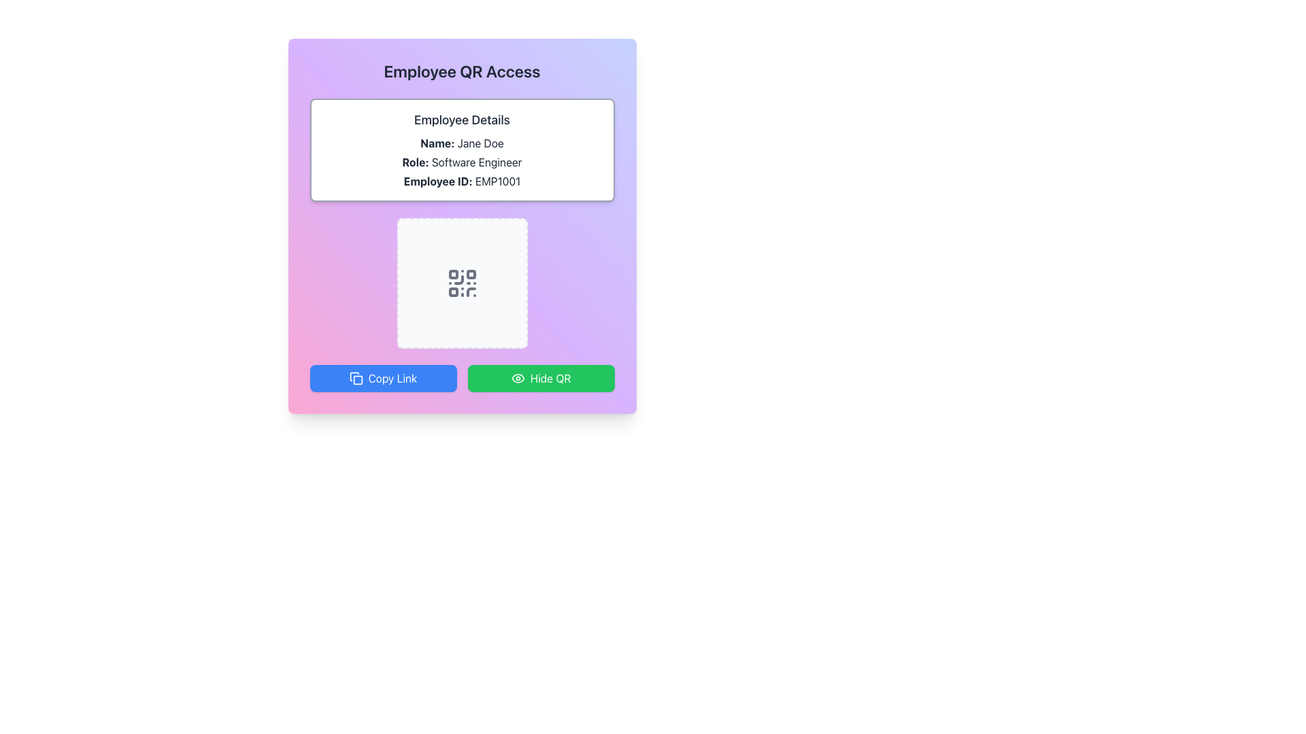 The height and width of the screenshot is (734, 1306). I want to click on the small, square-shaped icon with rounded edges within the 'Copy Link' button in the bottom-left corner of the 'Employee QR Access' card layout, so click(358, 380).